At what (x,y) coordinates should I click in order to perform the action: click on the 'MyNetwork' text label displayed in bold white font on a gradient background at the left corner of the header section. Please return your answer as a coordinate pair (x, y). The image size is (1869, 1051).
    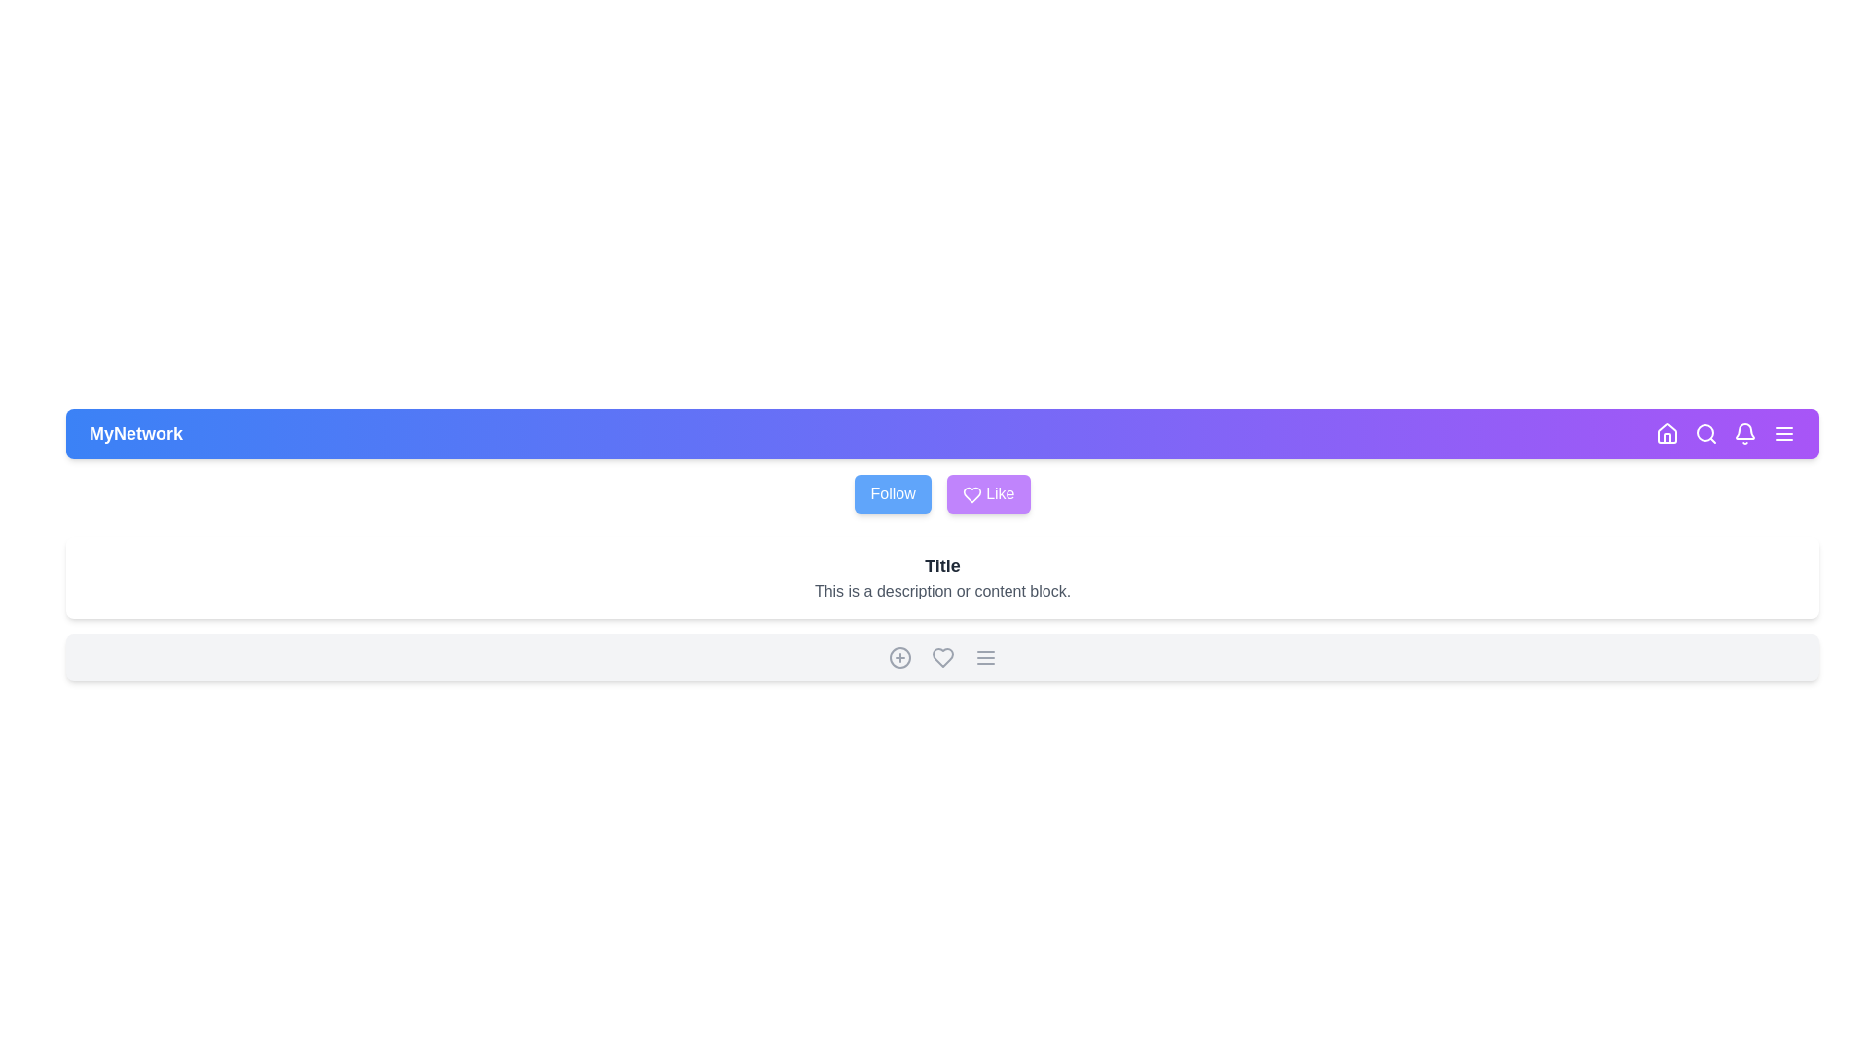
    Looking at the image, I should click on (134, 433).